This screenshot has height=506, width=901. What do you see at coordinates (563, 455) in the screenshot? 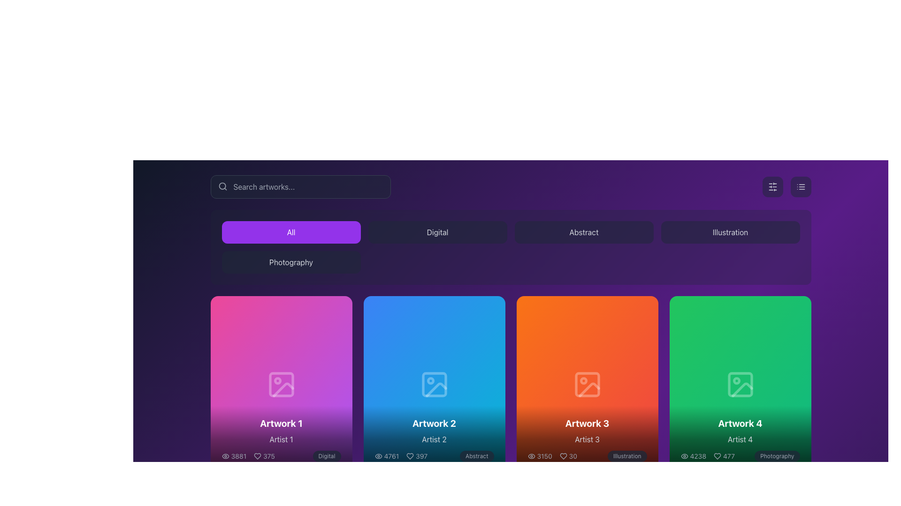
I see `the 'like' icon located in the lower section of the orange card labeled 'Artwork 3', positioned to the left of the numeric text '30'` at bounding box center [563, 455].